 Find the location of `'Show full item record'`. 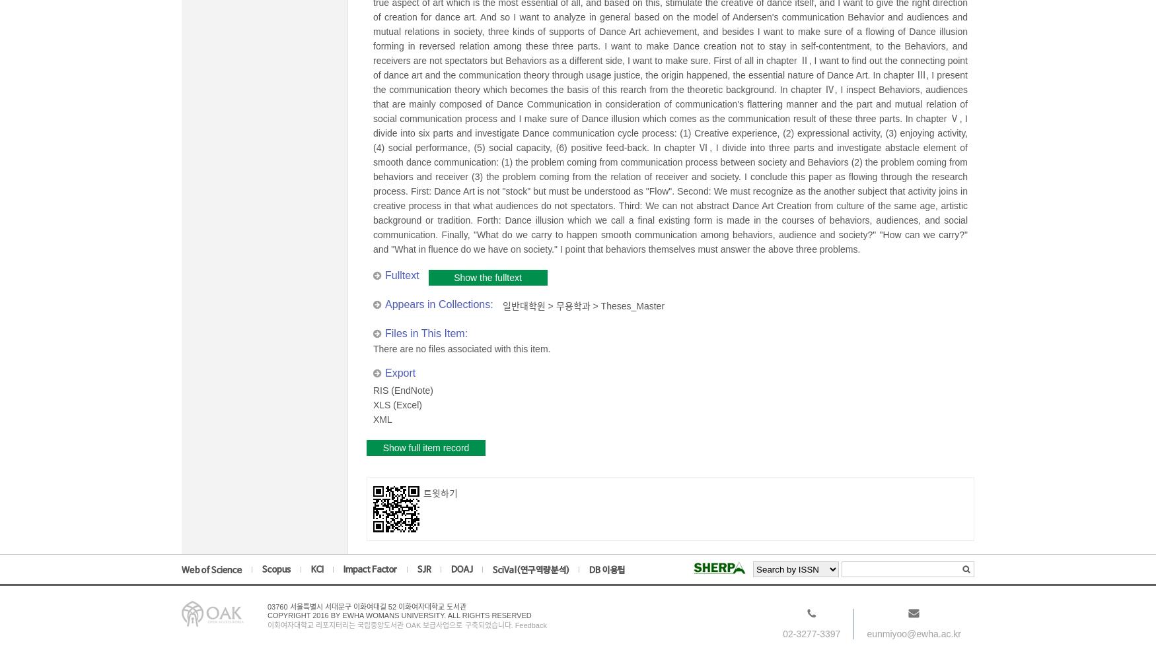

'Show full item record' is located at coordinates (425, 447).